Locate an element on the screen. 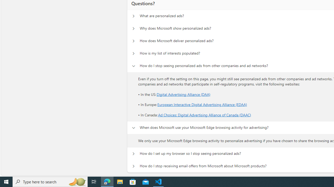 This screenshot has width=334, height=187. 'Digital Advertising Alliance (DAA)' is located at coordinates (183, 94).